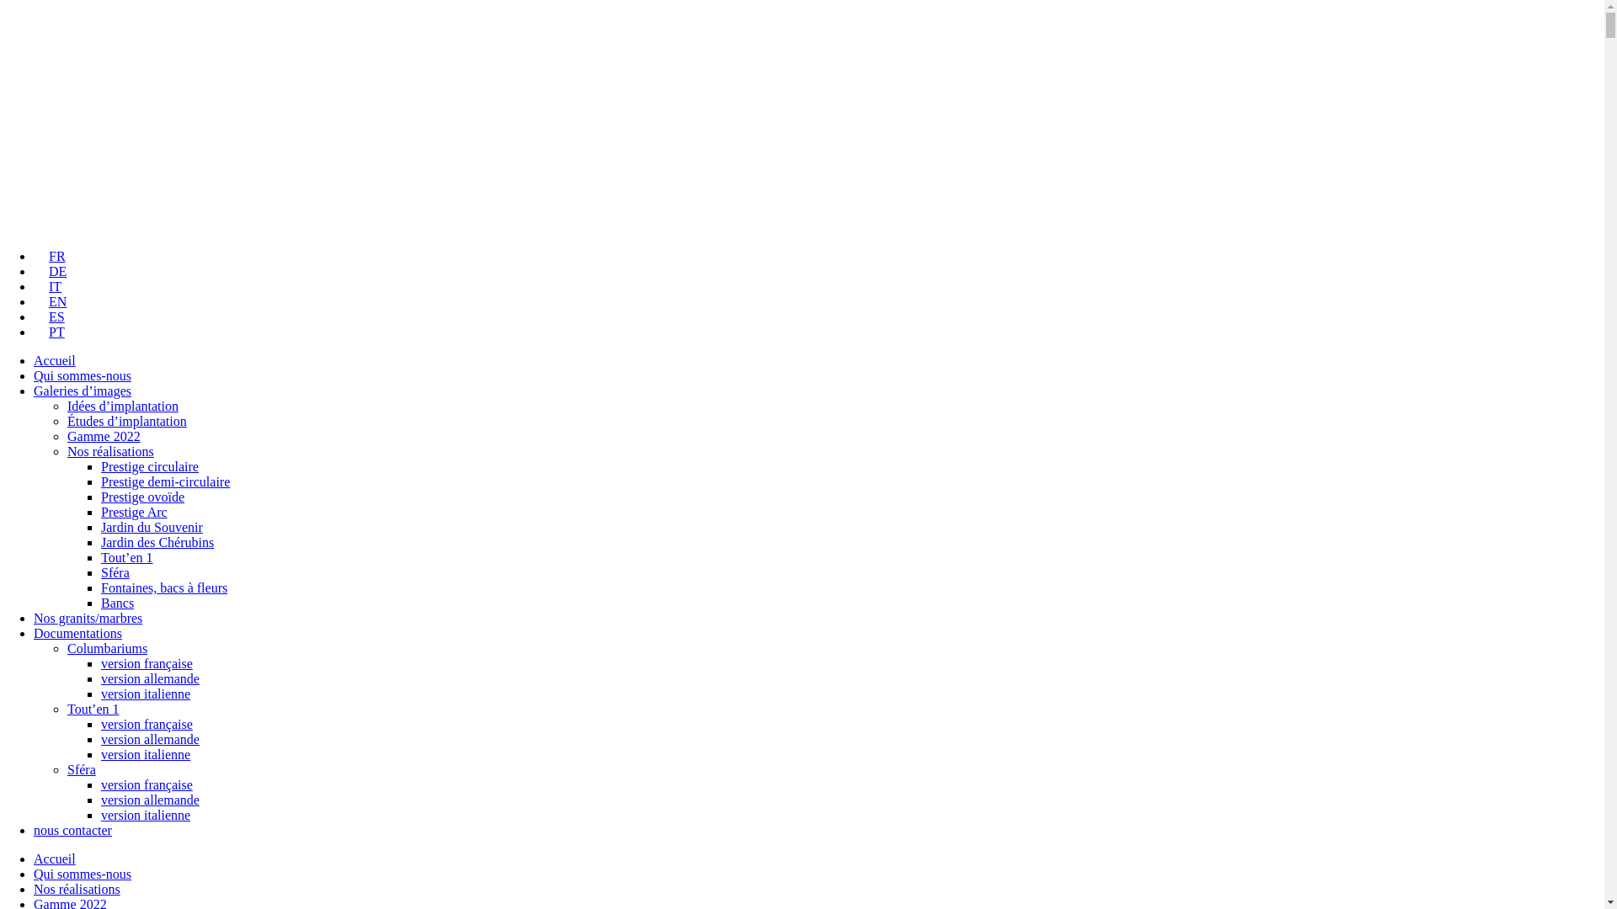 Image resolution: width=1617 pixels, height=909 pixels. I want to click on 'Accueil', so click(55, 858).